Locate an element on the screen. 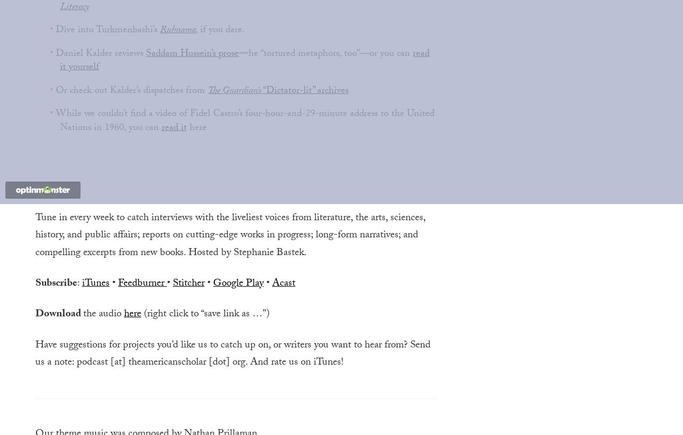 The image size is (683, 435). '“Dictator-lit” archives' is located at coordinates (305, 91).